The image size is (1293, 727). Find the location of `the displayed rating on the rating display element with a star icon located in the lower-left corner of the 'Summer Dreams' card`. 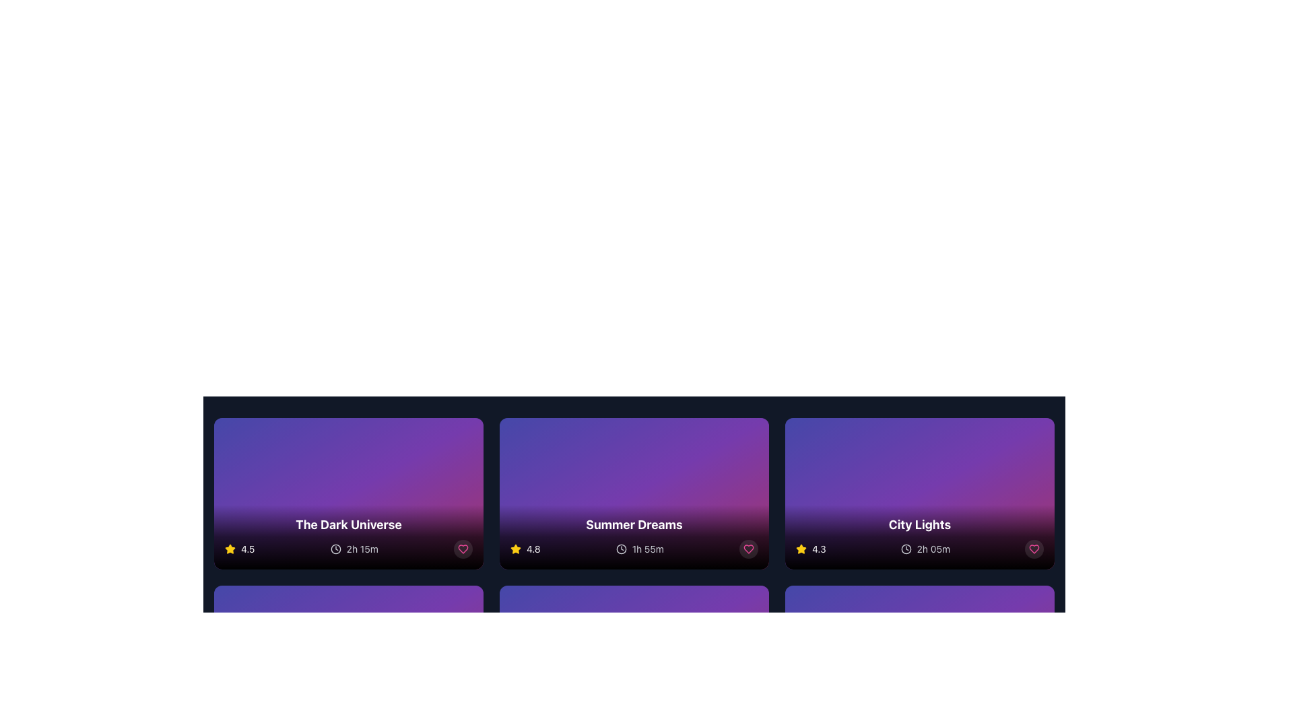

the displayed rating on the rating display element with a star icon located in the lower-left corner of the 'Summer Dreams' card is located at coordinates (525, 549).